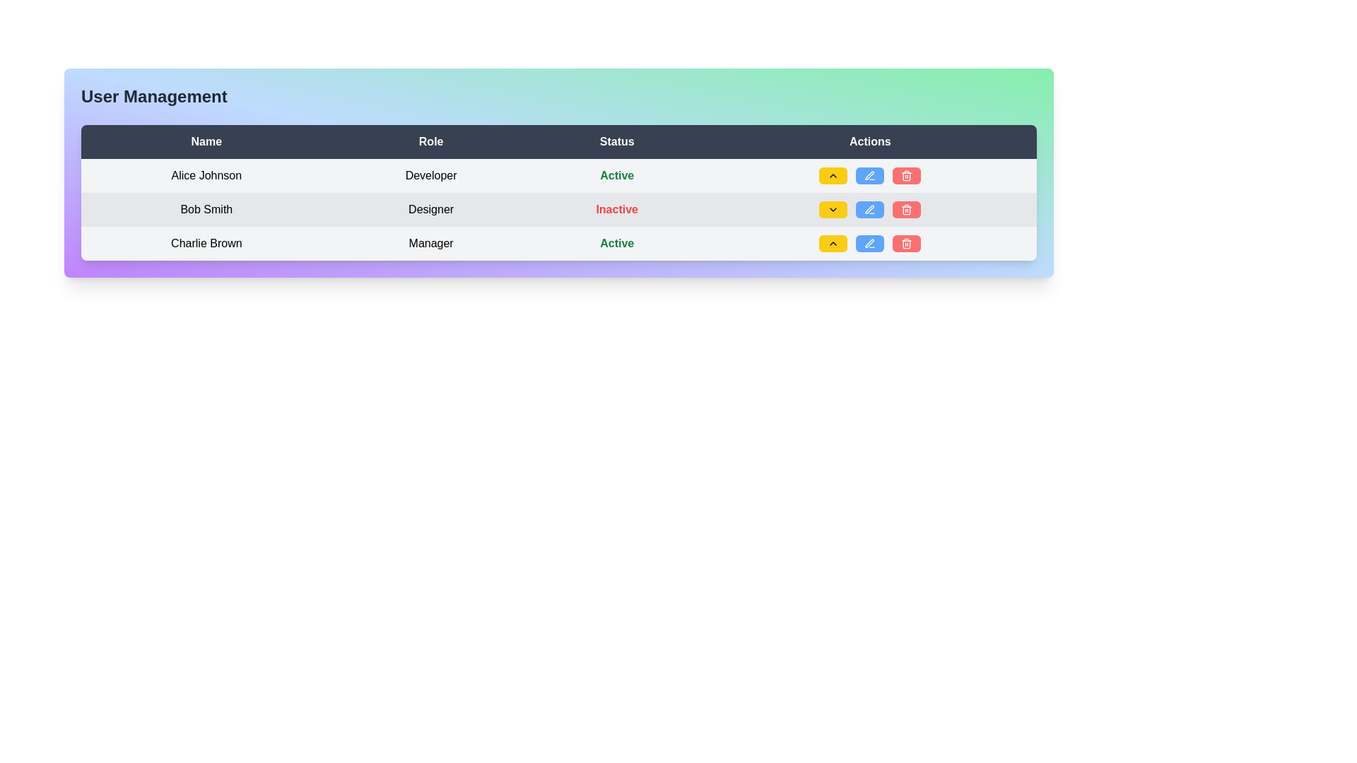  What do you see at coordinates (430, 141) in the screenshot?
I see `the Table Header Cell labeled 'Role', which is the second cell in the header row of a 4-column table, featuring a dark gray background and white text` at bounding box center [430, 141].